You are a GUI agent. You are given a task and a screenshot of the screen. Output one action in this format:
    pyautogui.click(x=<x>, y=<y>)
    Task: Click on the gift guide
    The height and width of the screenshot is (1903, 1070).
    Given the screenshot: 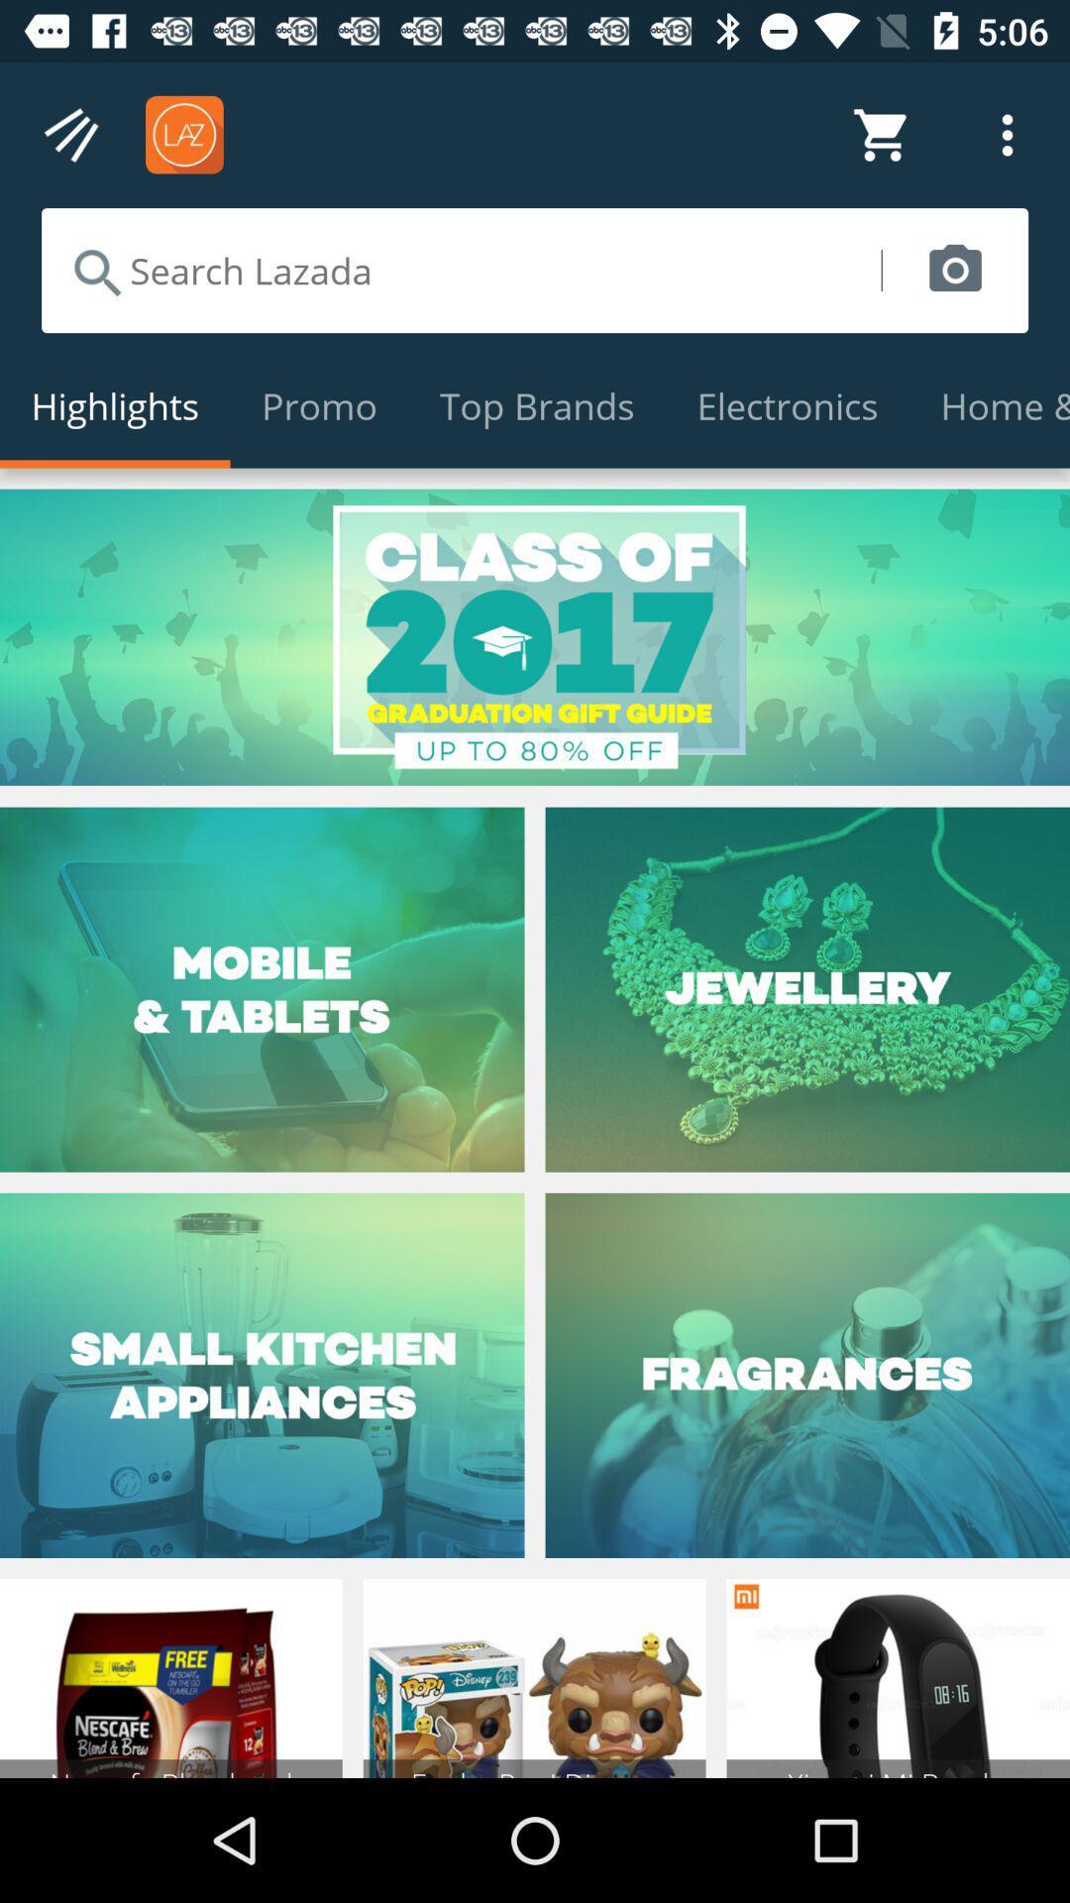 What is the action you would take?
    pyautogui.click(x=535, y=637)
    